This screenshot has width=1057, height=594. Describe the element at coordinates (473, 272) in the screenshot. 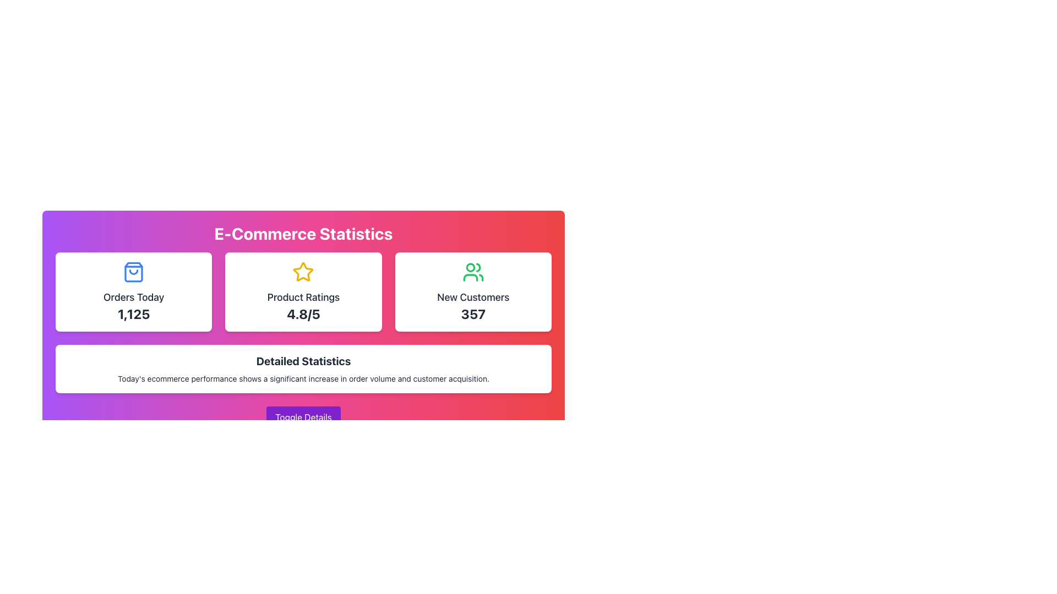

I see `the decorative SVG icon representing the 'New Customers' section in the statistics card located at the top center of the card, directly above the text 'New Customers' and the number '357'` at that location.